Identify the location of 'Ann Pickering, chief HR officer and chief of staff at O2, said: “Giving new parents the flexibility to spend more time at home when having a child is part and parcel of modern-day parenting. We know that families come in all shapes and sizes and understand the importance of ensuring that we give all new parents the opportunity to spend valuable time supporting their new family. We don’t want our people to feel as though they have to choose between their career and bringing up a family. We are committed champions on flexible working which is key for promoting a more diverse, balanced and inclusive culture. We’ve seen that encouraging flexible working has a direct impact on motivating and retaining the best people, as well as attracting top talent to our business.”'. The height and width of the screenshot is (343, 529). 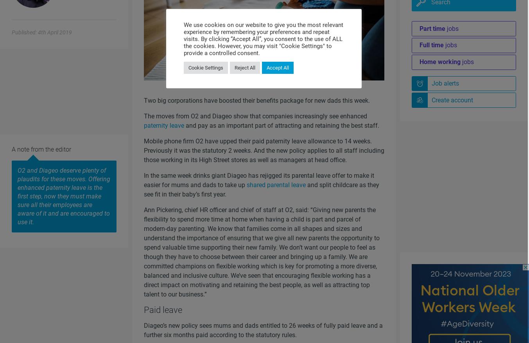
(261, 252).